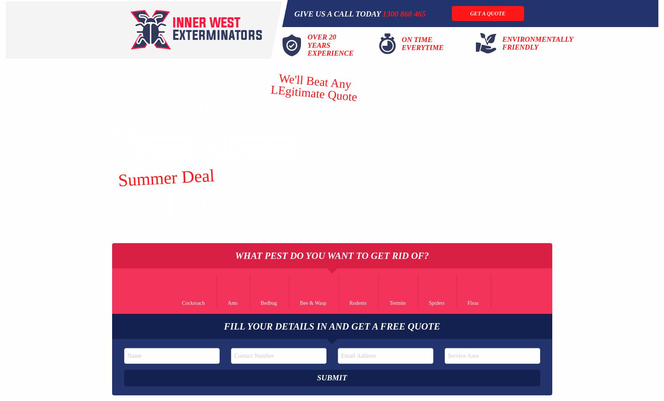 This screenshot has height=401, width=664. Describe the element at coordinates (149, 197) in the screenshot. I see `'$'` at that location.